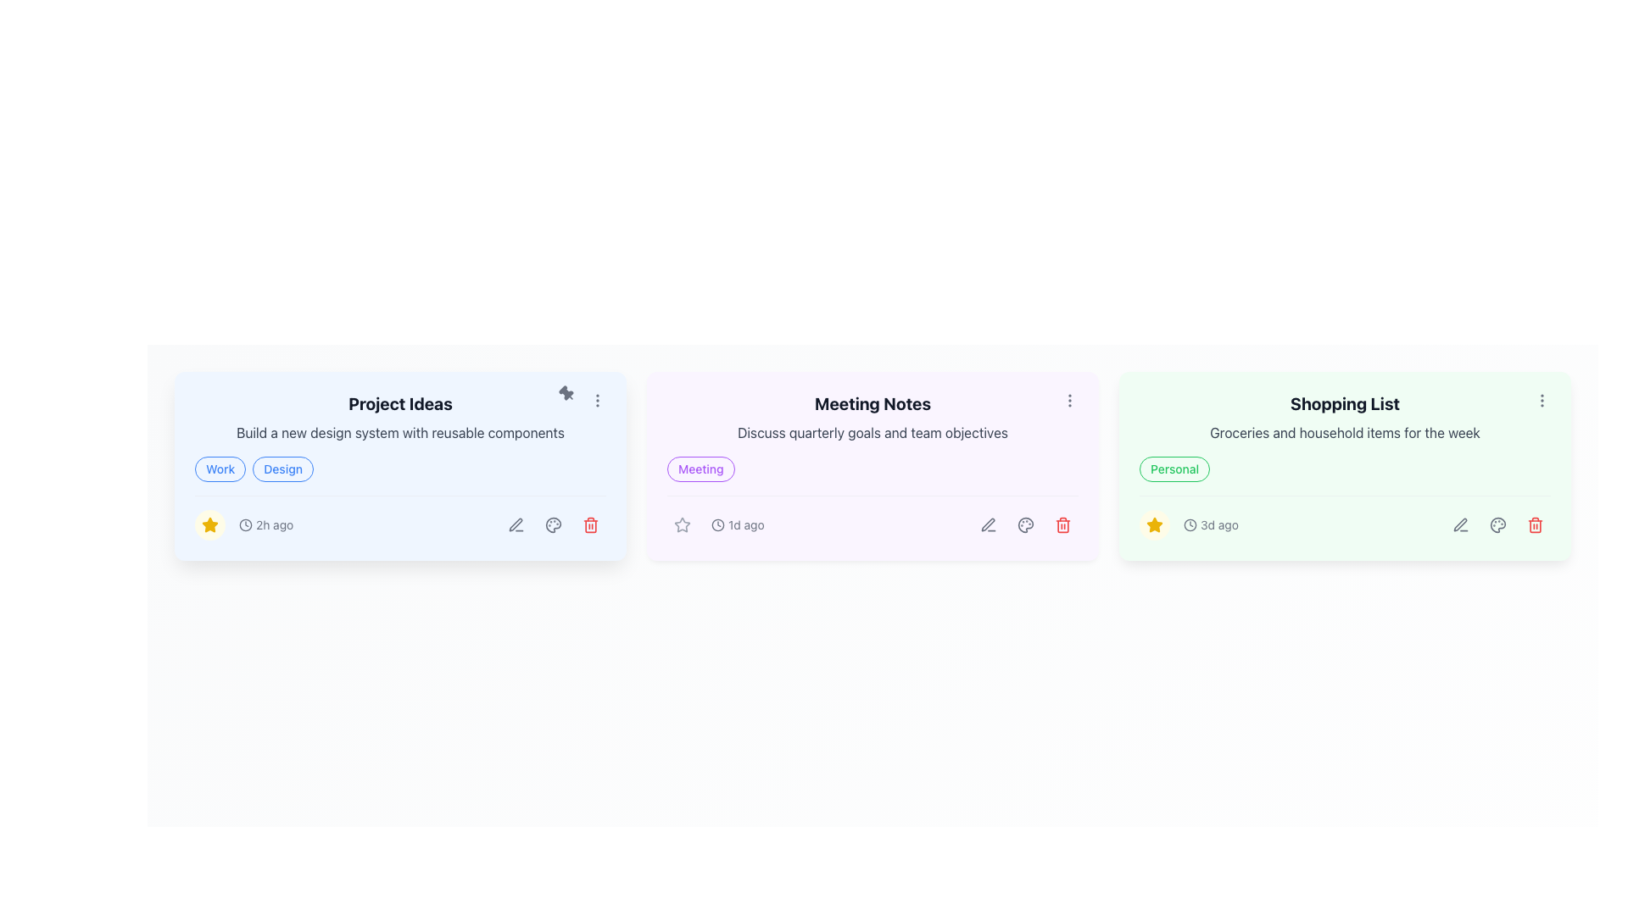 This screenshot has height=915, width=1628. I want to click on the button located in the top-right corner of the 'Meeting Notes' card, so click(1069, 401).